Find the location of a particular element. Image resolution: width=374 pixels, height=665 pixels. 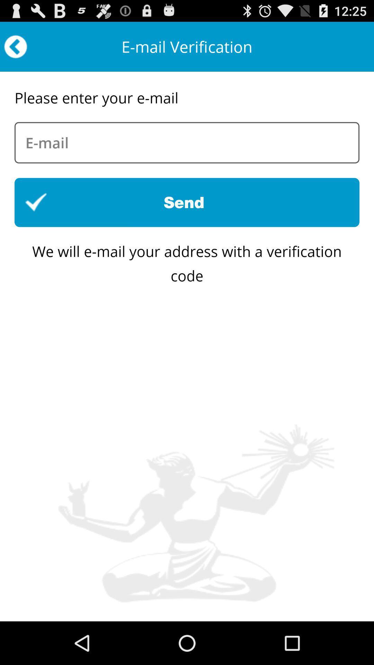

email is located at coordinates (187, 142).